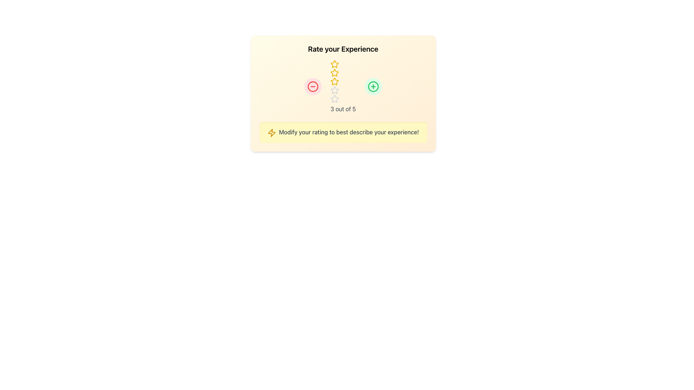 The image size is (694, 390). I want to click on the rating stars in the information card that prompts 'Rate your Experience' with a vertical gradient background from yellow to orange, so click(343, 93).